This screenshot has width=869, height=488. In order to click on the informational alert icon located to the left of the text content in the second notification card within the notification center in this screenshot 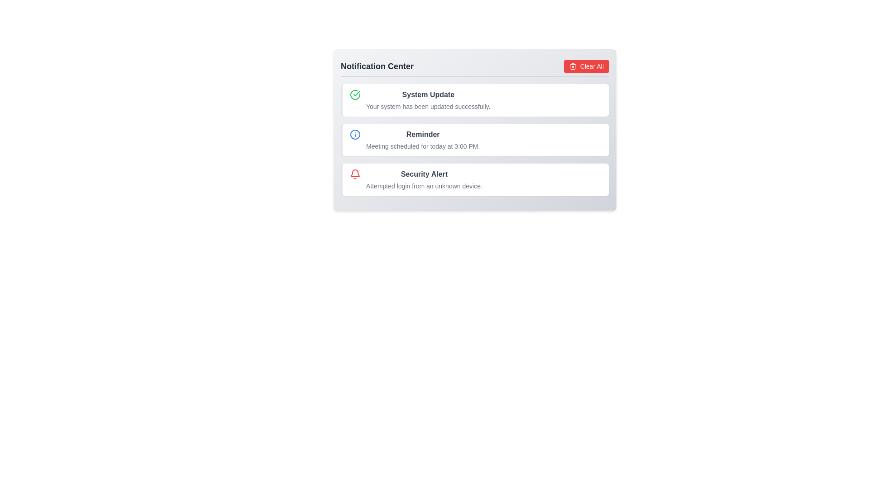, I will do `click(355, 134)`.